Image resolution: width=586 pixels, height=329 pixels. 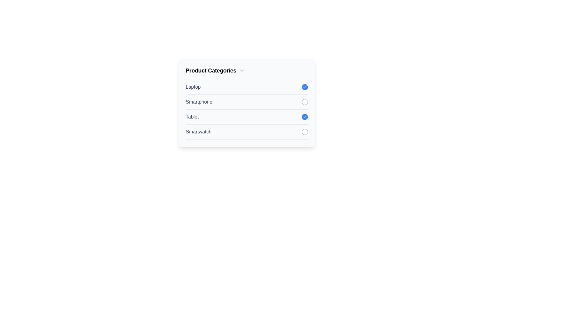 What do you see at coordinates (305, 102) in the screenshot?
I see `the item Smartphone` at bounding box center [305, 102].